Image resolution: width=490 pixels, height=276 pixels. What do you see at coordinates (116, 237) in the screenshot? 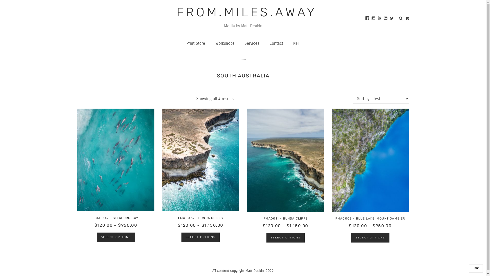
I see `'SELECT OPTIONS'` at bounding box center [116, 237].